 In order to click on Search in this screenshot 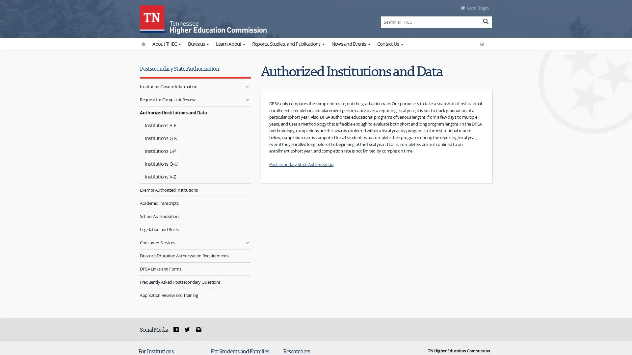, I will do `click(485, 21)`.